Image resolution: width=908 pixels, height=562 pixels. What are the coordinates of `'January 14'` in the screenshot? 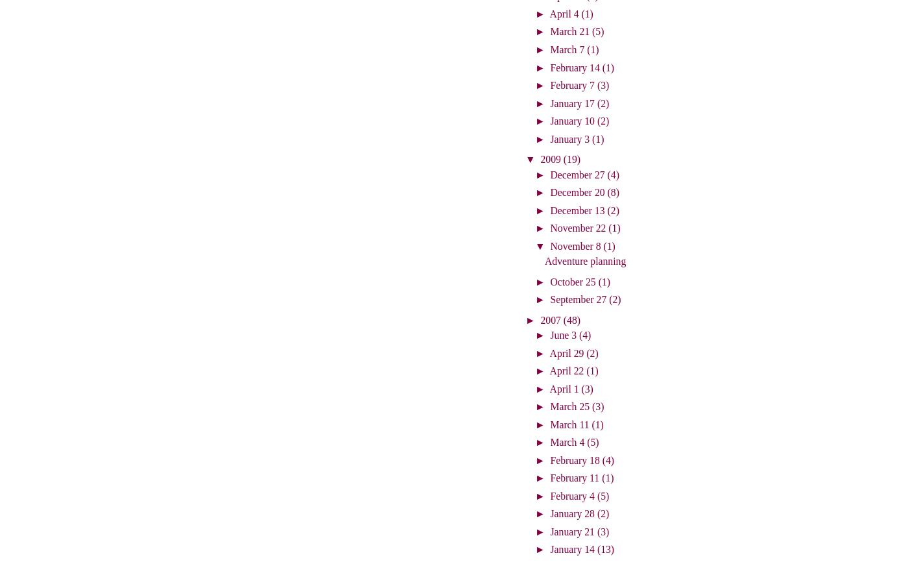 It's located at (572, 548).